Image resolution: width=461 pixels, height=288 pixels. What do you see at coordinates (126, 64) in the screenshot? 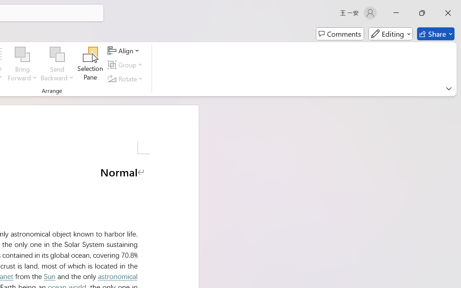
I see `'Group'` at bounding box center [126, 64].